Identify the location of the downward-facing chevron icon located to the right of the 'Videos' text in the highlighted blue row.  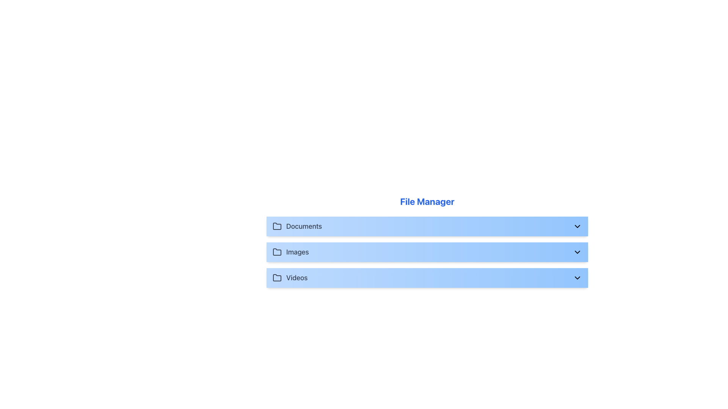
(577, 278).